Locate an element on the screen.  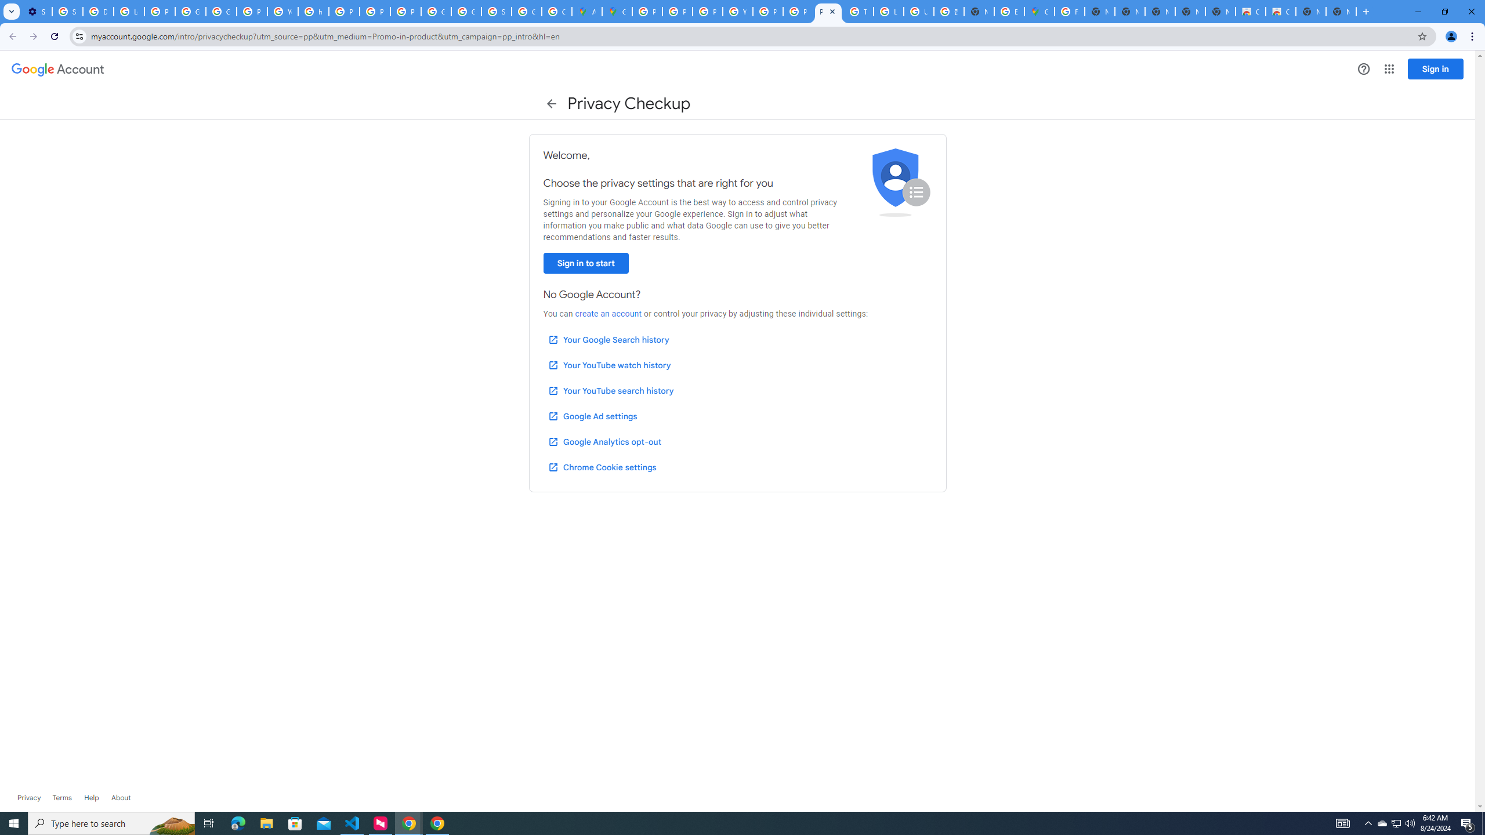
'Tips & tricks for Chrome - Google Chrome Help' is located at coordinates (858, 11).